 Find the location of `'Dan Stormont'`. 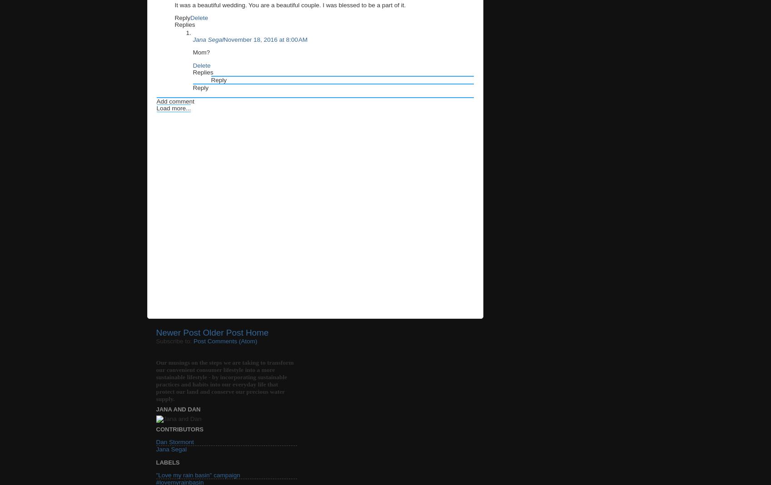

'Dan Stormont' is located at coordinates (174, 442).